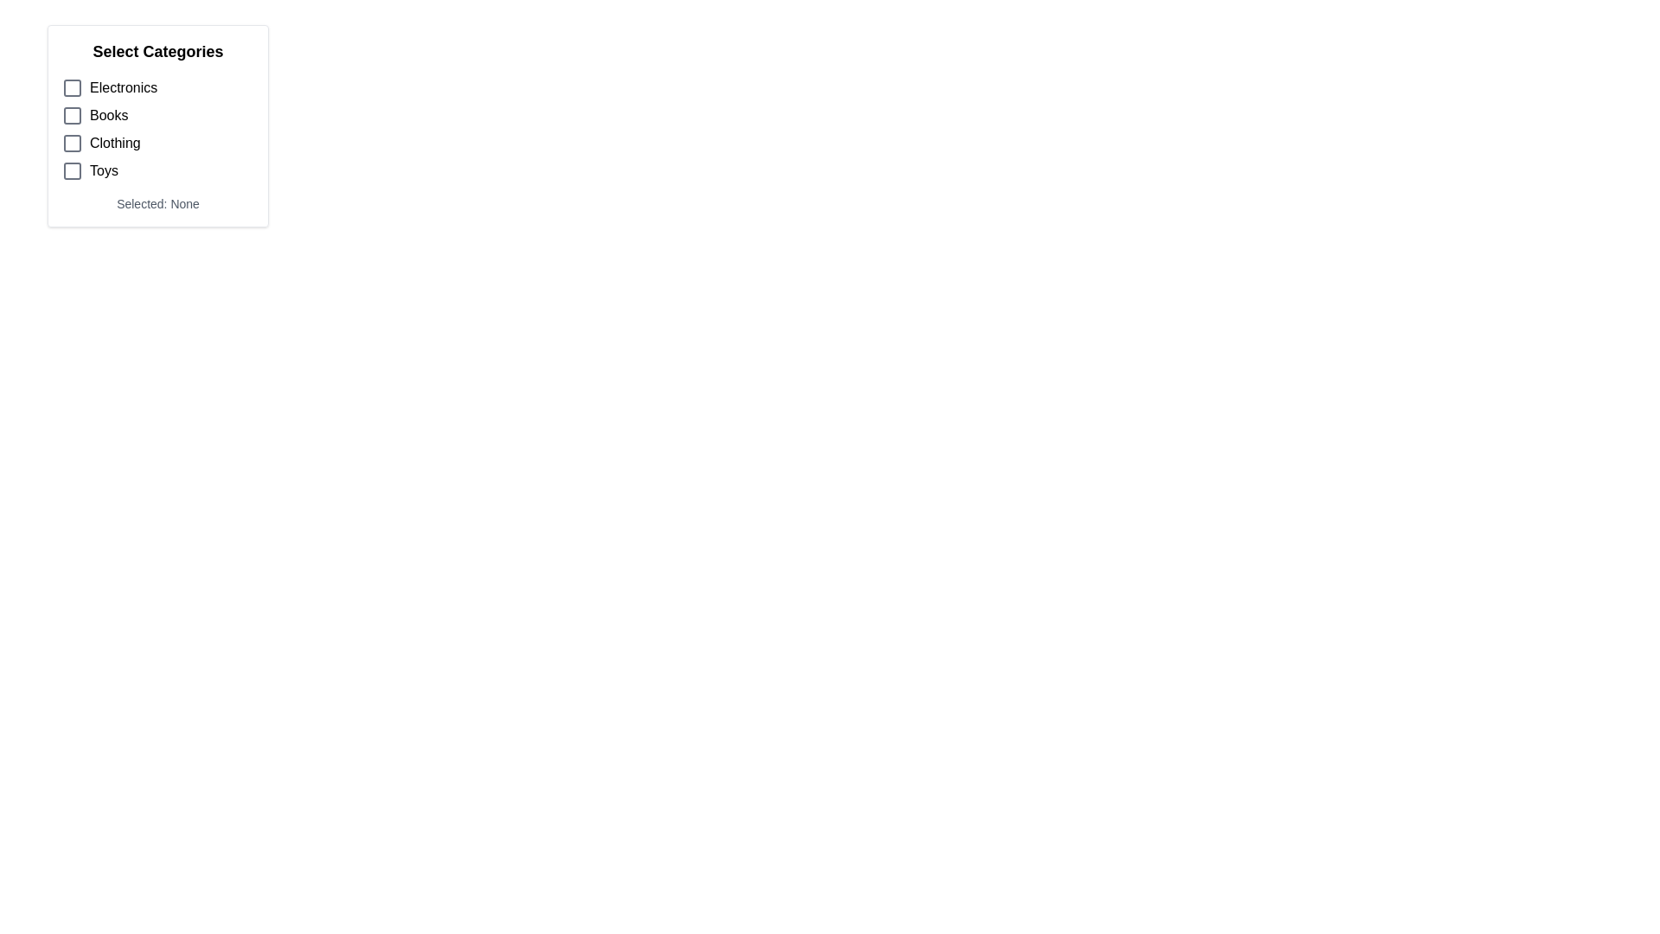  What do you see at coordinates (71, 87) in the screenshot?
I see `the inner fill of the checkbox next to 'Electronics'` at bounding box center [71, 87].